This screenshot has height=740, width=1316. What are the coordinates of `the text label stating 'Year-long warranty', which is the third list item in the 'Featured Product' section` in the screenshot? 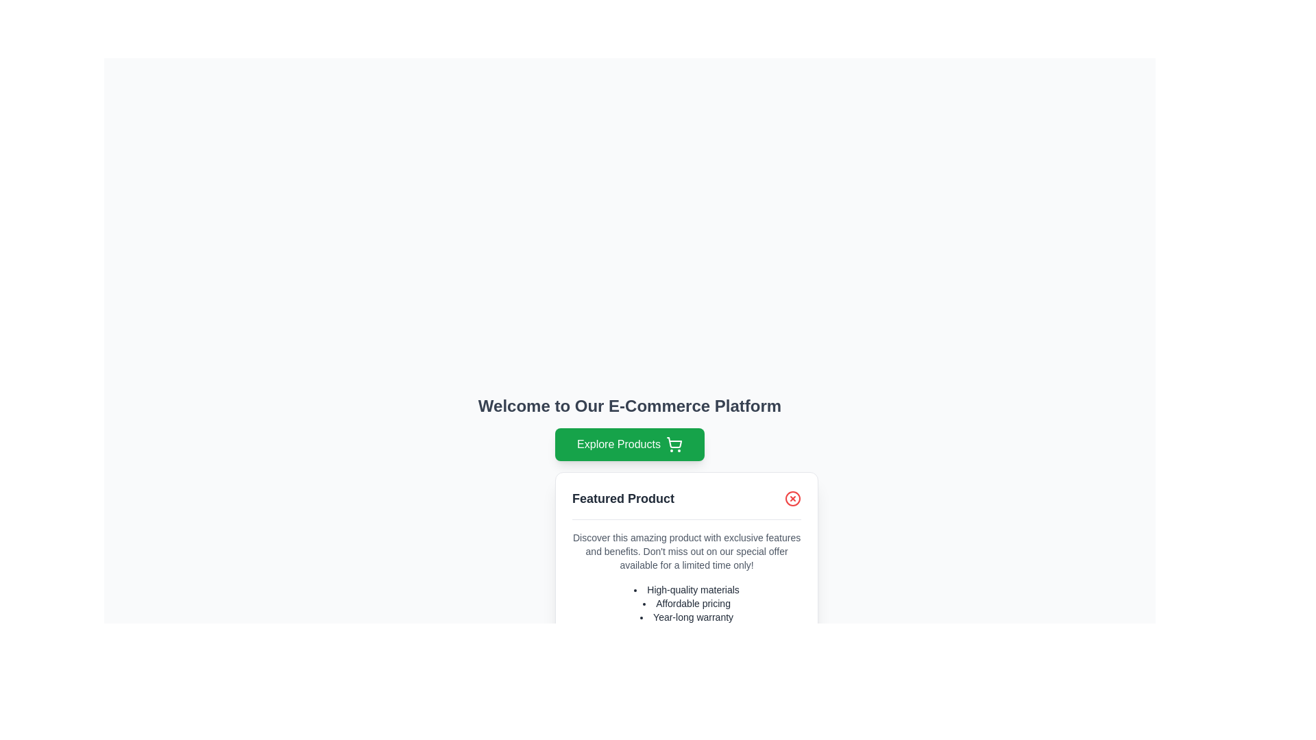 It's located at (687, 617).